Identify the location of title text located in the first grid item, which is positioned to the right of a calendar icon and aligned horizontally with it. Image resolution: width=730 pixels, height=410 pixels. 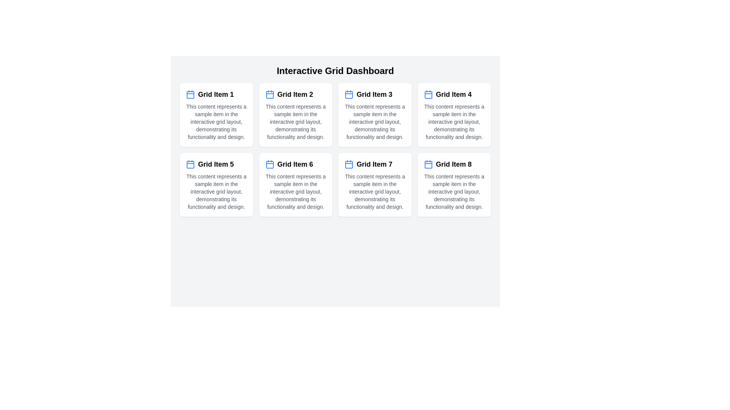
(215, 94).